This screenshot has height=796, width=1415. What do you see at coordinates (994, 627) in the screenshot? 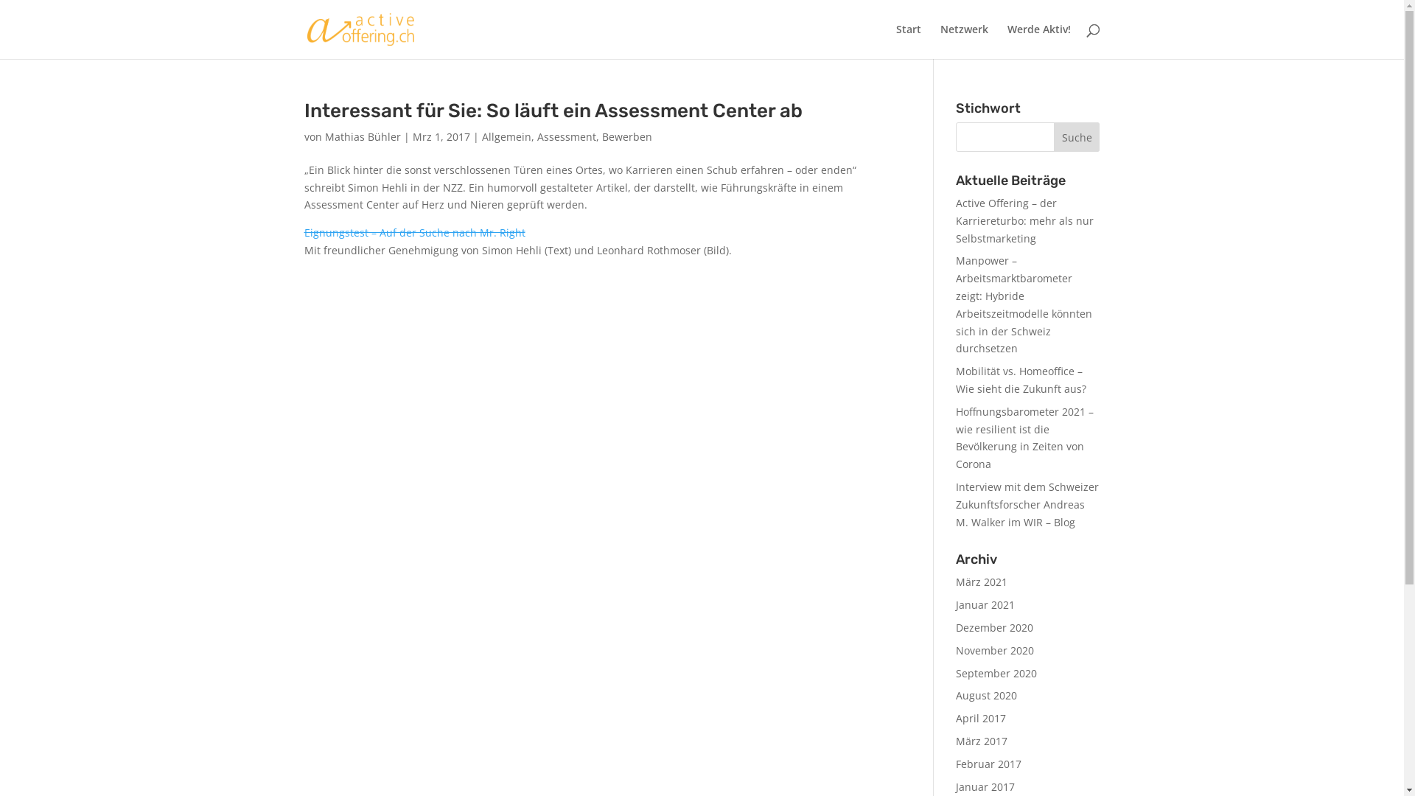
I see `'Dezember 2020'` at bounding box center [994, 627].